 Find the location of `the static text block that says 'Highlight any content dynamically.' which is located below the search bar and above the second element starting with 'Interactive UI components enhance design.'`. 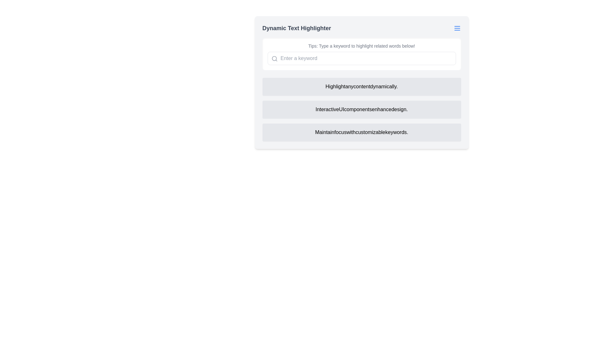

the static text block that says 'Highlight any content dynamically.' which is located below the search bar and above the second element starting with 'Interactive UI components enhance design.' is located at coordinates (362, 87).